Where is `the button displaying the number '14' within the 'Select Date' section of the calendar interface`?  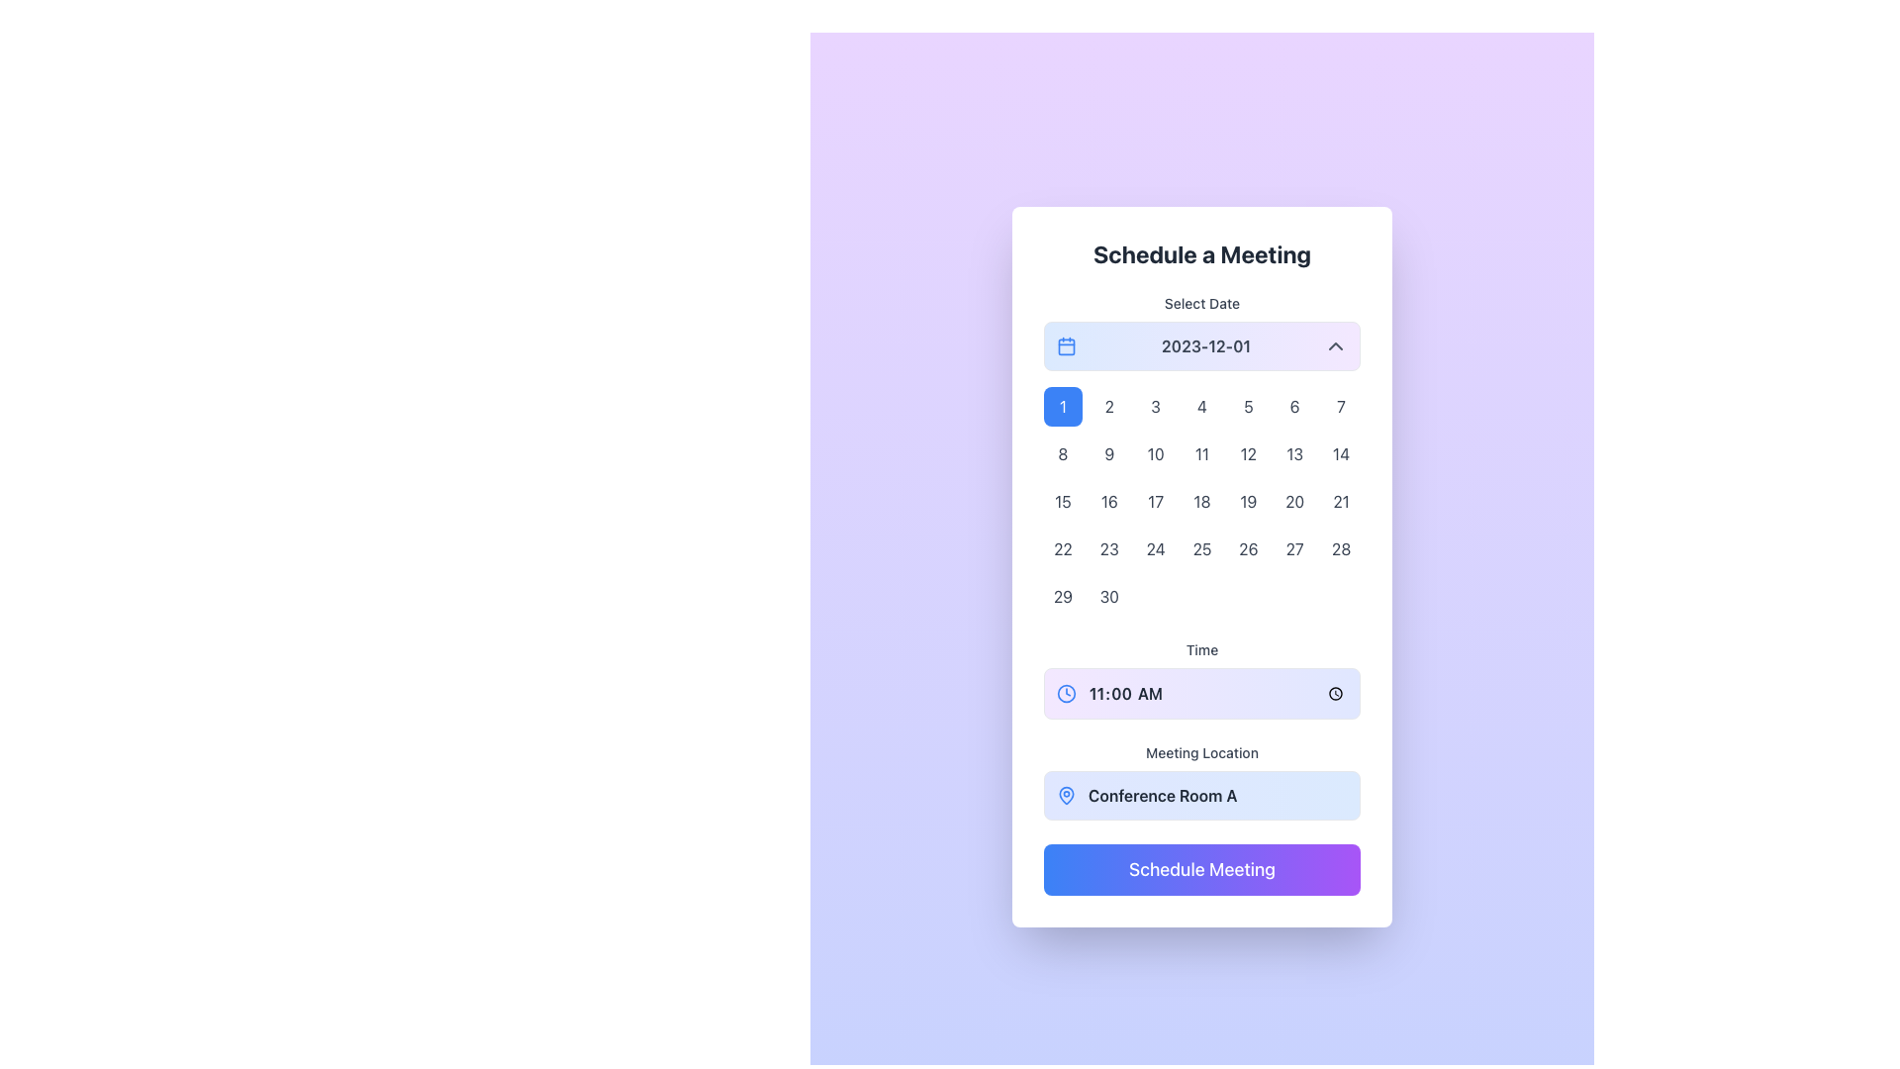
the button displaying the number '14' within the 'Select Date' section of the calendar interface is located at coordinates (1341, 454).